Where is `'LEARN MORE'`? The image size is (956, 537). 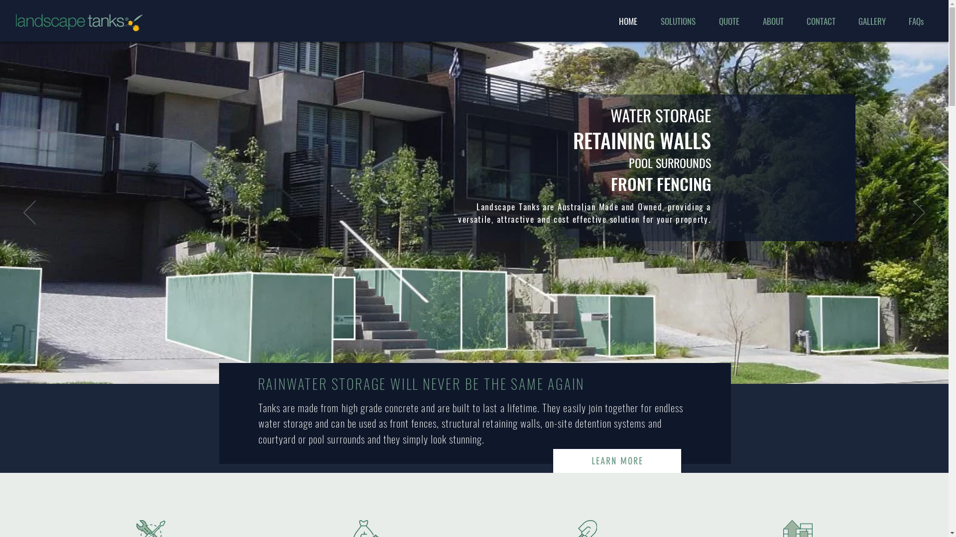 'LEARN MORE' is located at coordinates (552, 460).